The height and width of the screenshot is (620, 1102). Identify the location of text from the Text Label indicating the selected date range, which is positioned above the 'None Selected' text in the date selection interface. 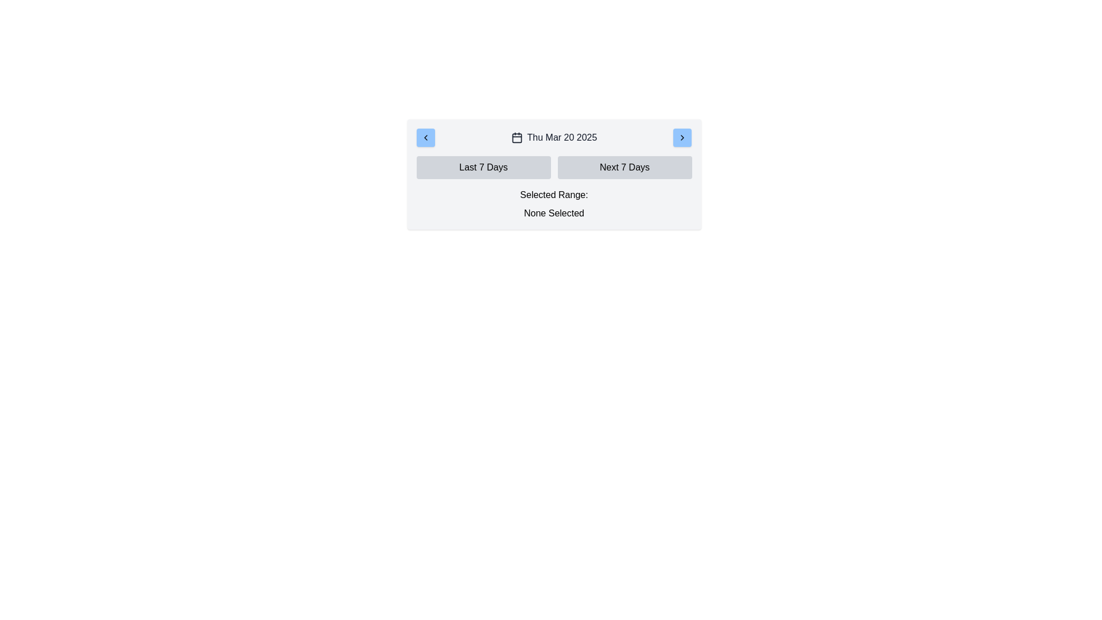
(554, 194).